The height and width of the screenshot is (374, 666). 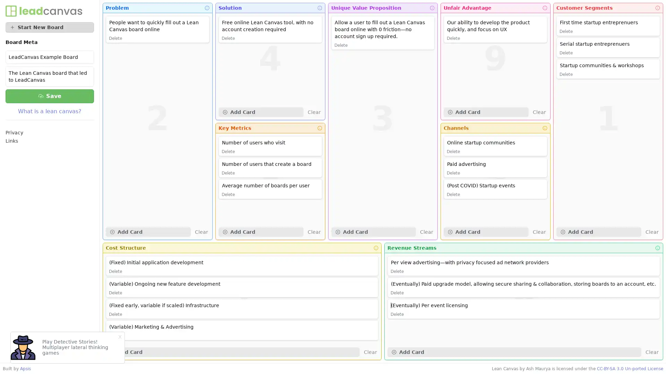 What do you see at coordinates (148, 232) in the screenshot?
I see `Add Card` at bounding box center [148, 232].